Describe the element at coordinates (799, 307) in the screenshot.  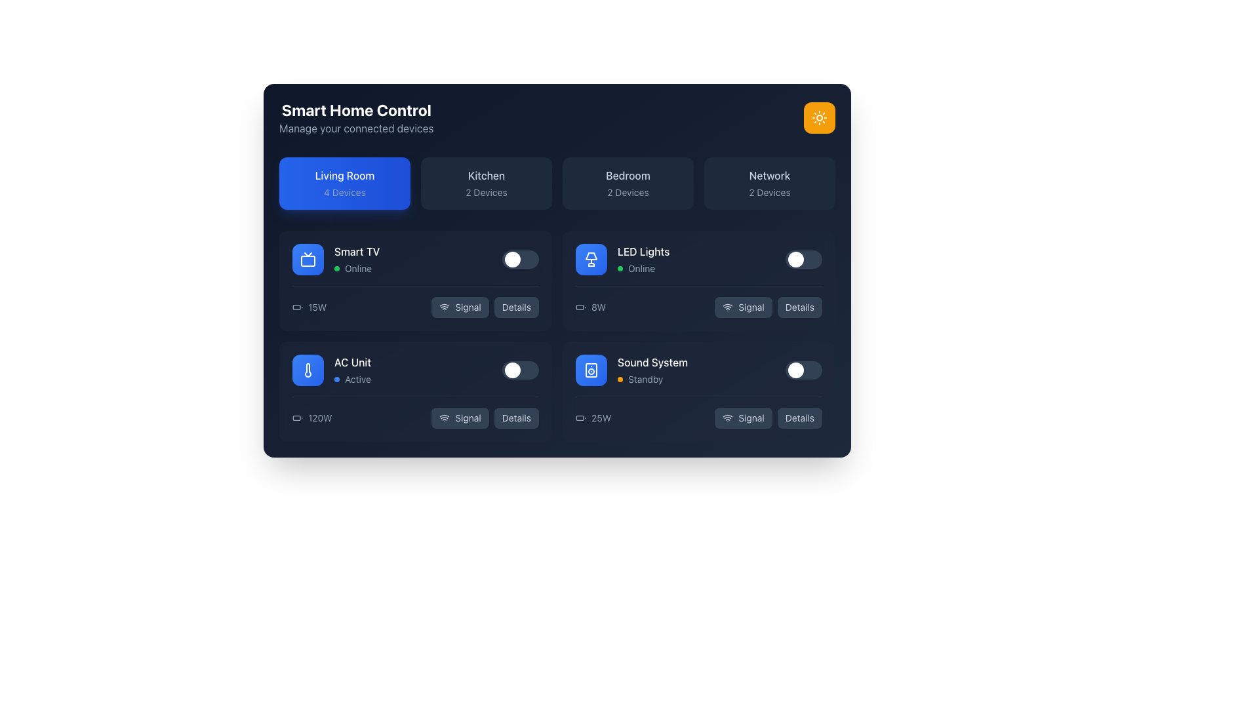
I see `the rectangular 'Details' button with a dark slate background and light slate text, located in the second column of the grid layout, adjacent to the 'Signal' button for interactive effects` at that location.